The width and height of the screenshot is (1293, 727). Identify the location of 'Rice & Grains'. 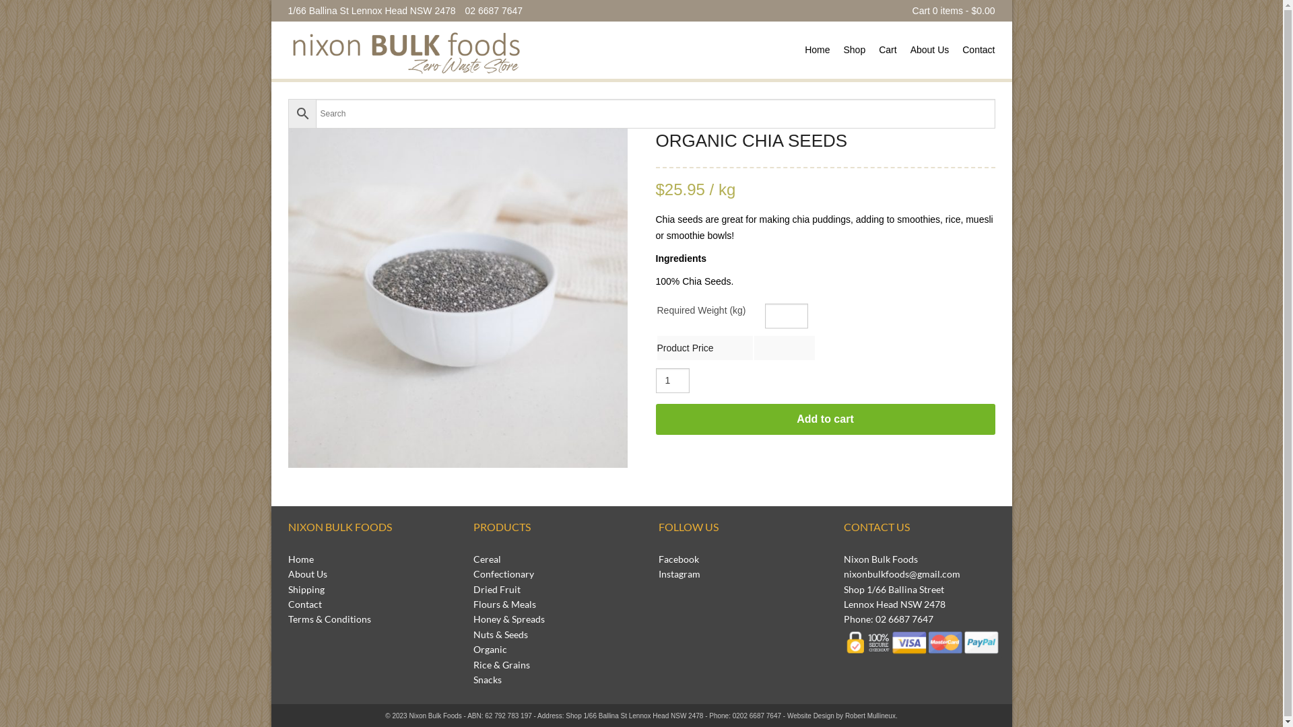
(500, 664).